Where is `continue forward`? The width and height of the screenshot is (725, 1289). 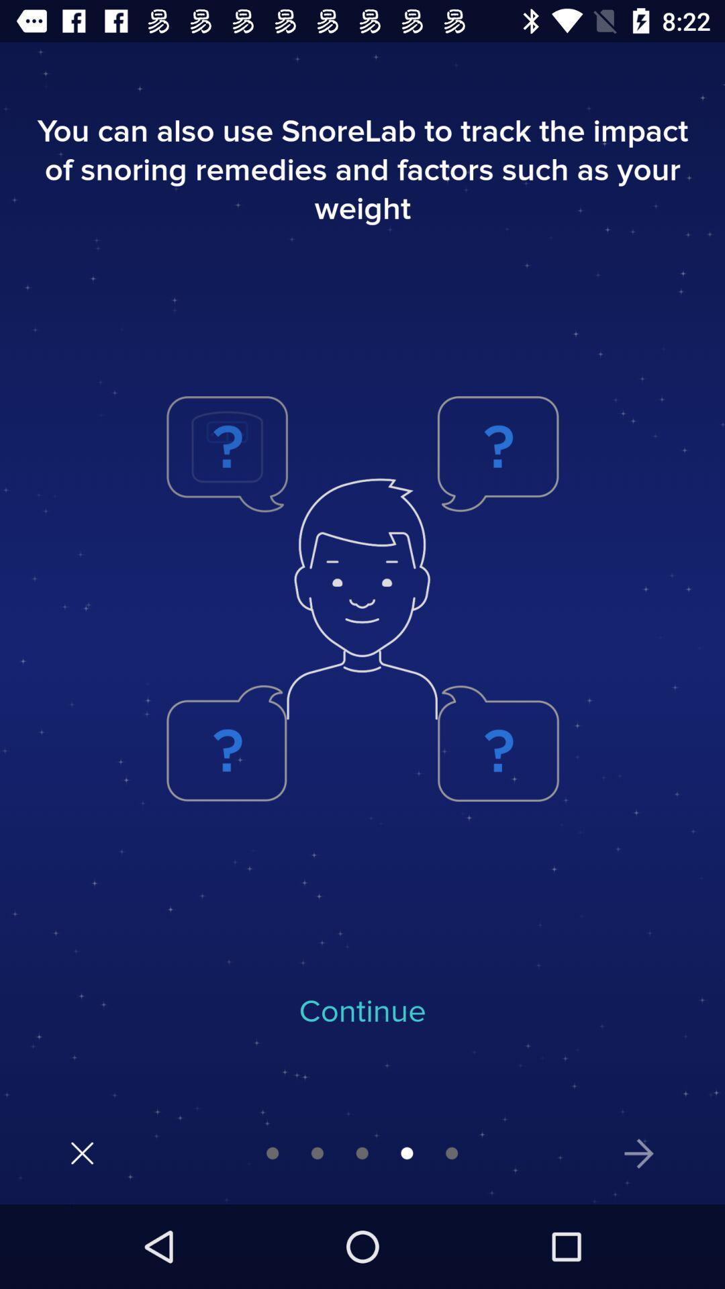
continue forward is located at coordinates (638, 1153).